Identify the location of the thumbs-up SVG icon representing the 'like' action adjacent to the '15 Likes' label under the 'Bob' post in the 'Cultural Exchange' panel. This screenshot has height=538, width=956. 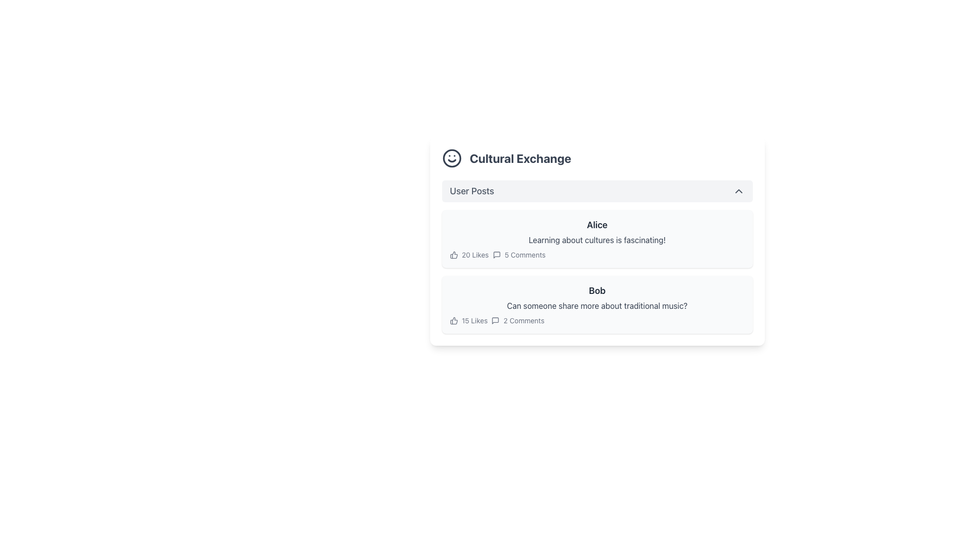
(453, 321).